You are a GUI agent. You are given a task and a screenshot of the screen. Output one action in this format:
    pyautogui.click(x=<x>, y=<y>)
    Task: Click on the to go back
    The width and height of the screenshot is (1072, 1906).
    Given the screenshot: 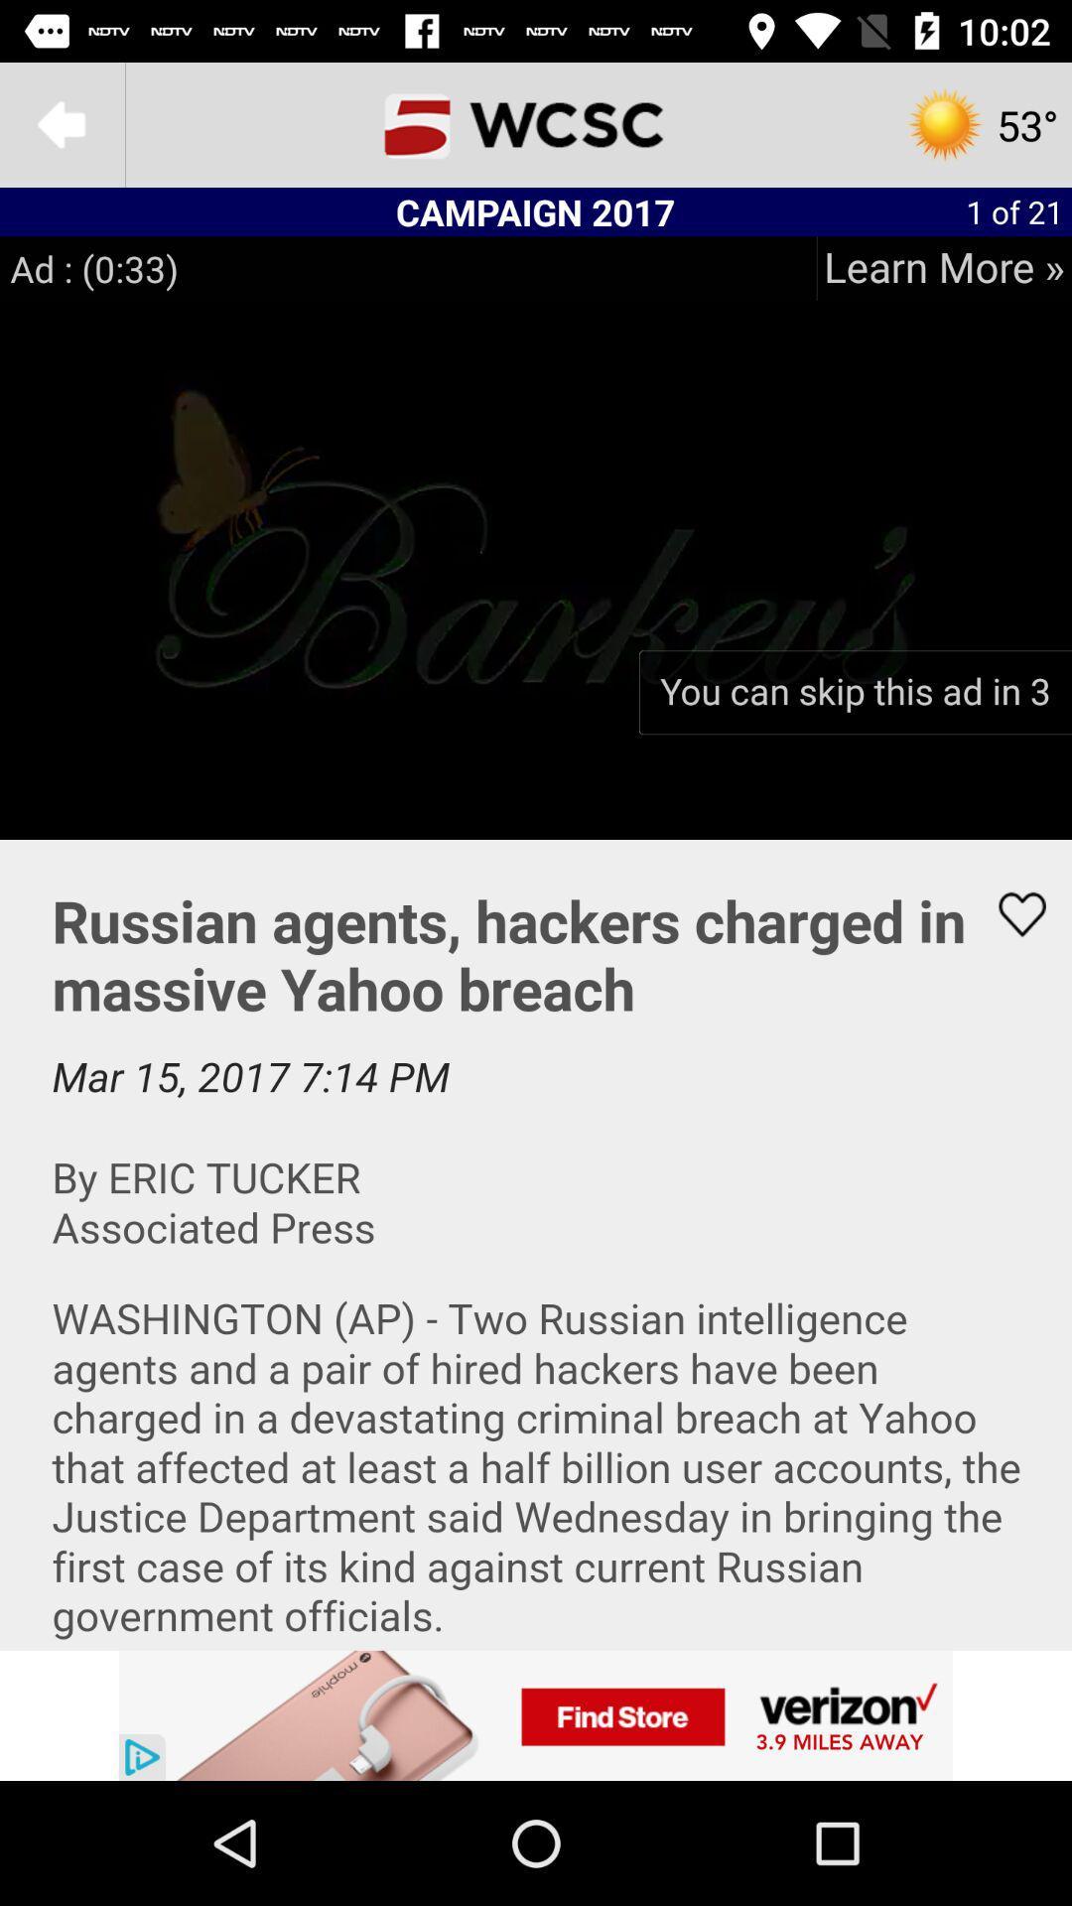 What is the action you would take?
    pyautogui.click(x=61, y=123)
    